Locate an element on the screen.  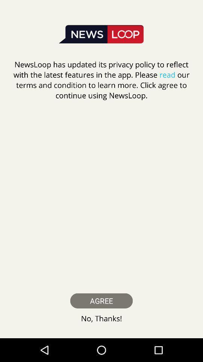
newsloop has updated item is located at coordinates (101, 80).